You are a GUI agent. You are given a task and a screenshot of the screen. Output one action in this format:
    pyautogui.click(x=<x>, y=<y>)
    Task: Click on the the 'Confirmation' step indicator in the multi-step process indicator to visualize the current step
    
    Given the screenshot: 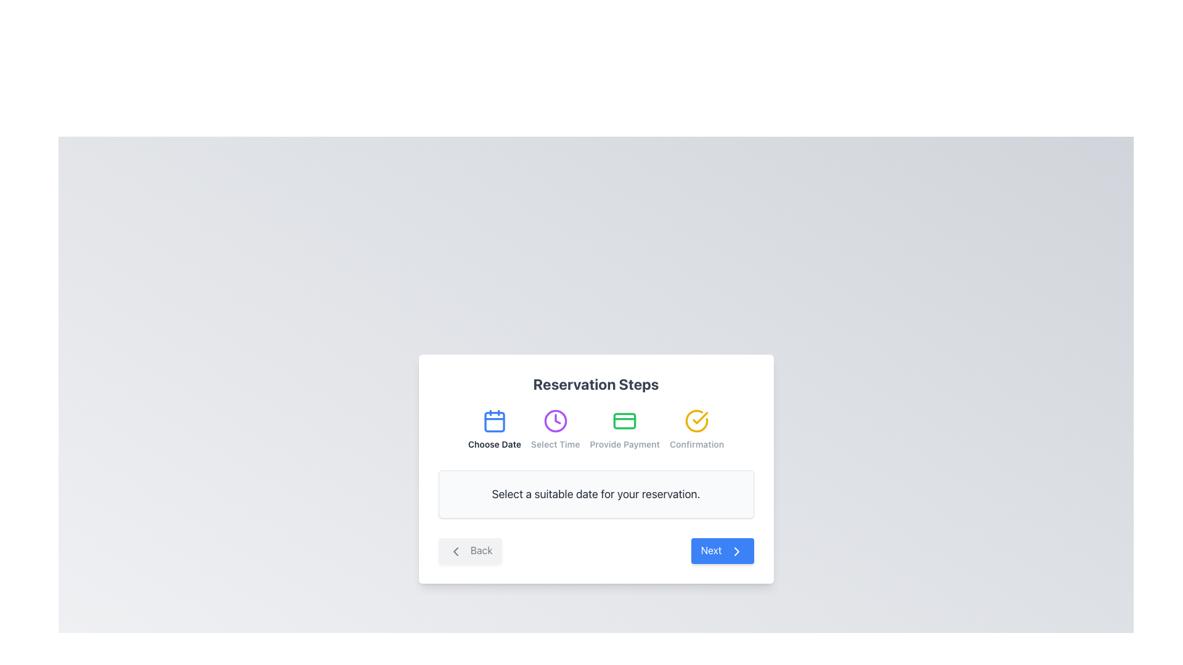 What is the action you would take?
    pyautogui.click(x=697, y=429)
    